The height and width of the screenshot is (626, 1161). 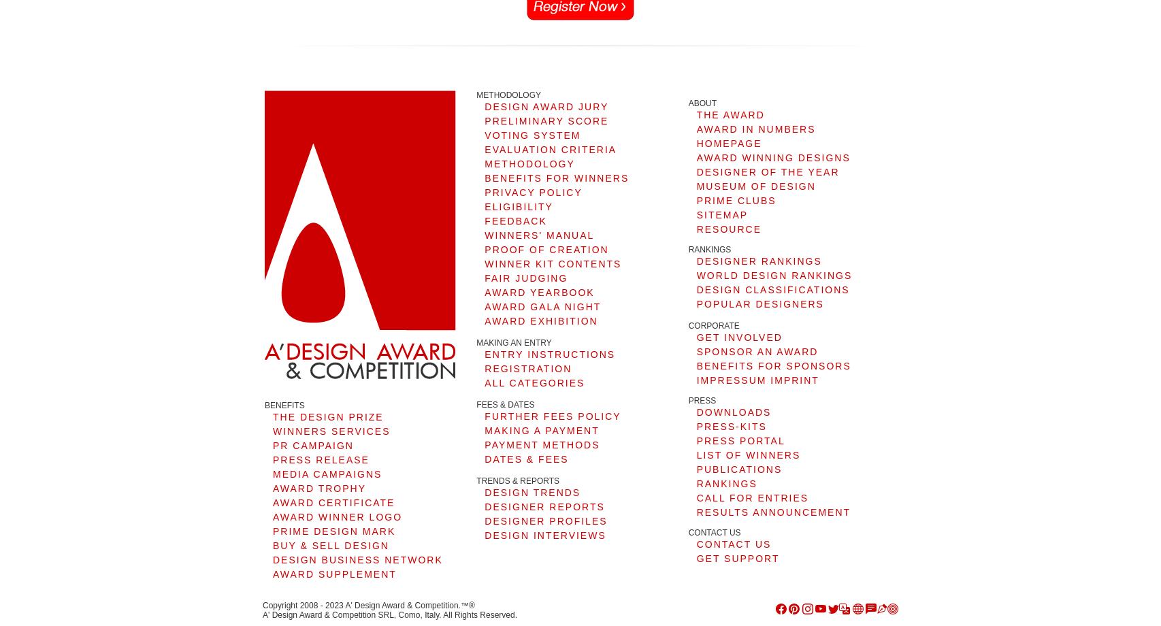 I want to click on 'ALL CATEGORIES', so click(x=534, y=382).